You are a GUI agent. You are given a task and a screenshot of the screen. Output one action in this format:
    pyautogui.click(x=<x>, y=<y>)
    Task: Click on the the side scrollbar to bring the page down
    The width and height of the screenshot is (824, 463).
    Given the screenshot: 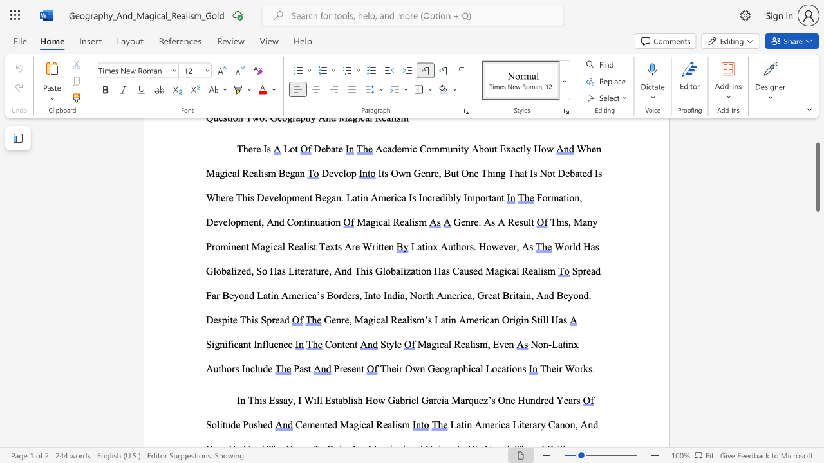 What is the action you would take?
    pyautogui.click(x=817, y=412)
    